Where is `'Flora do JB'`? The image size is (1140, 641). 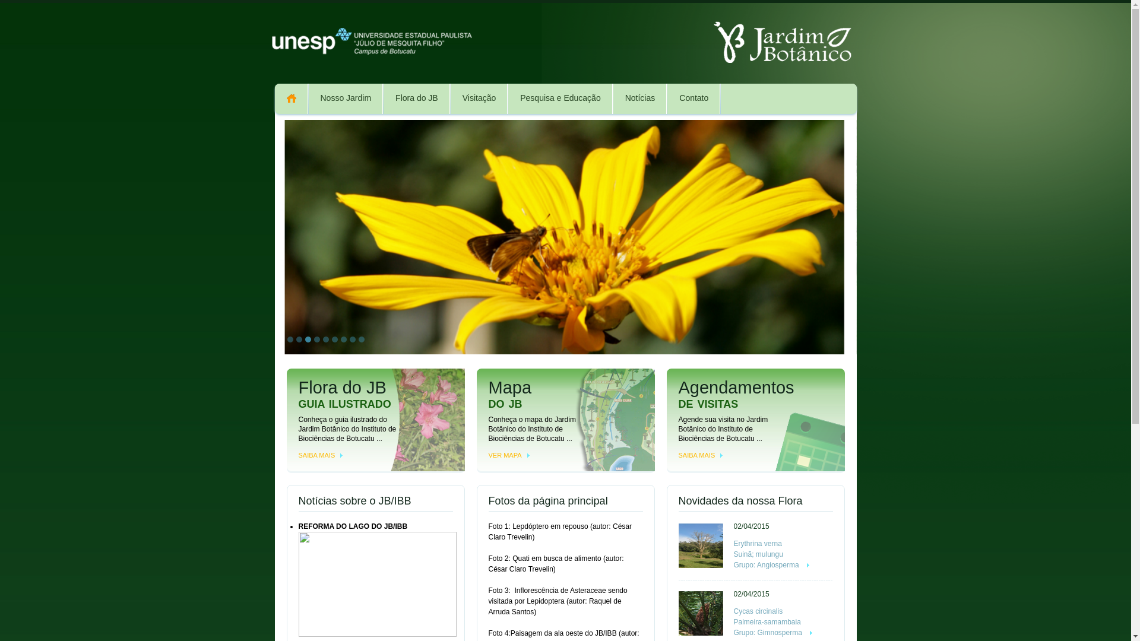
'Flora do JB' is located at coordinates (417, 98).